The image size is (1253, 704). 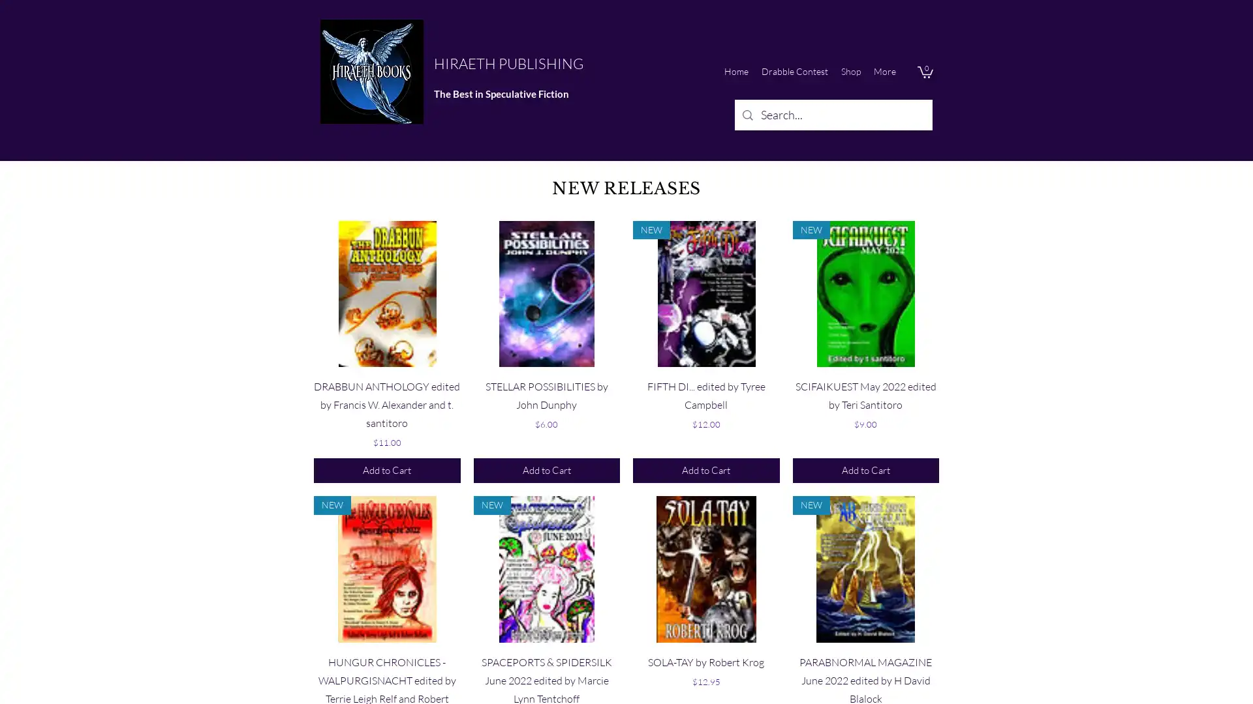 What do you see at coordinates (924, 72) in the screenshot?
I see `Cart with 0 items` at bounding box center [924, 72].